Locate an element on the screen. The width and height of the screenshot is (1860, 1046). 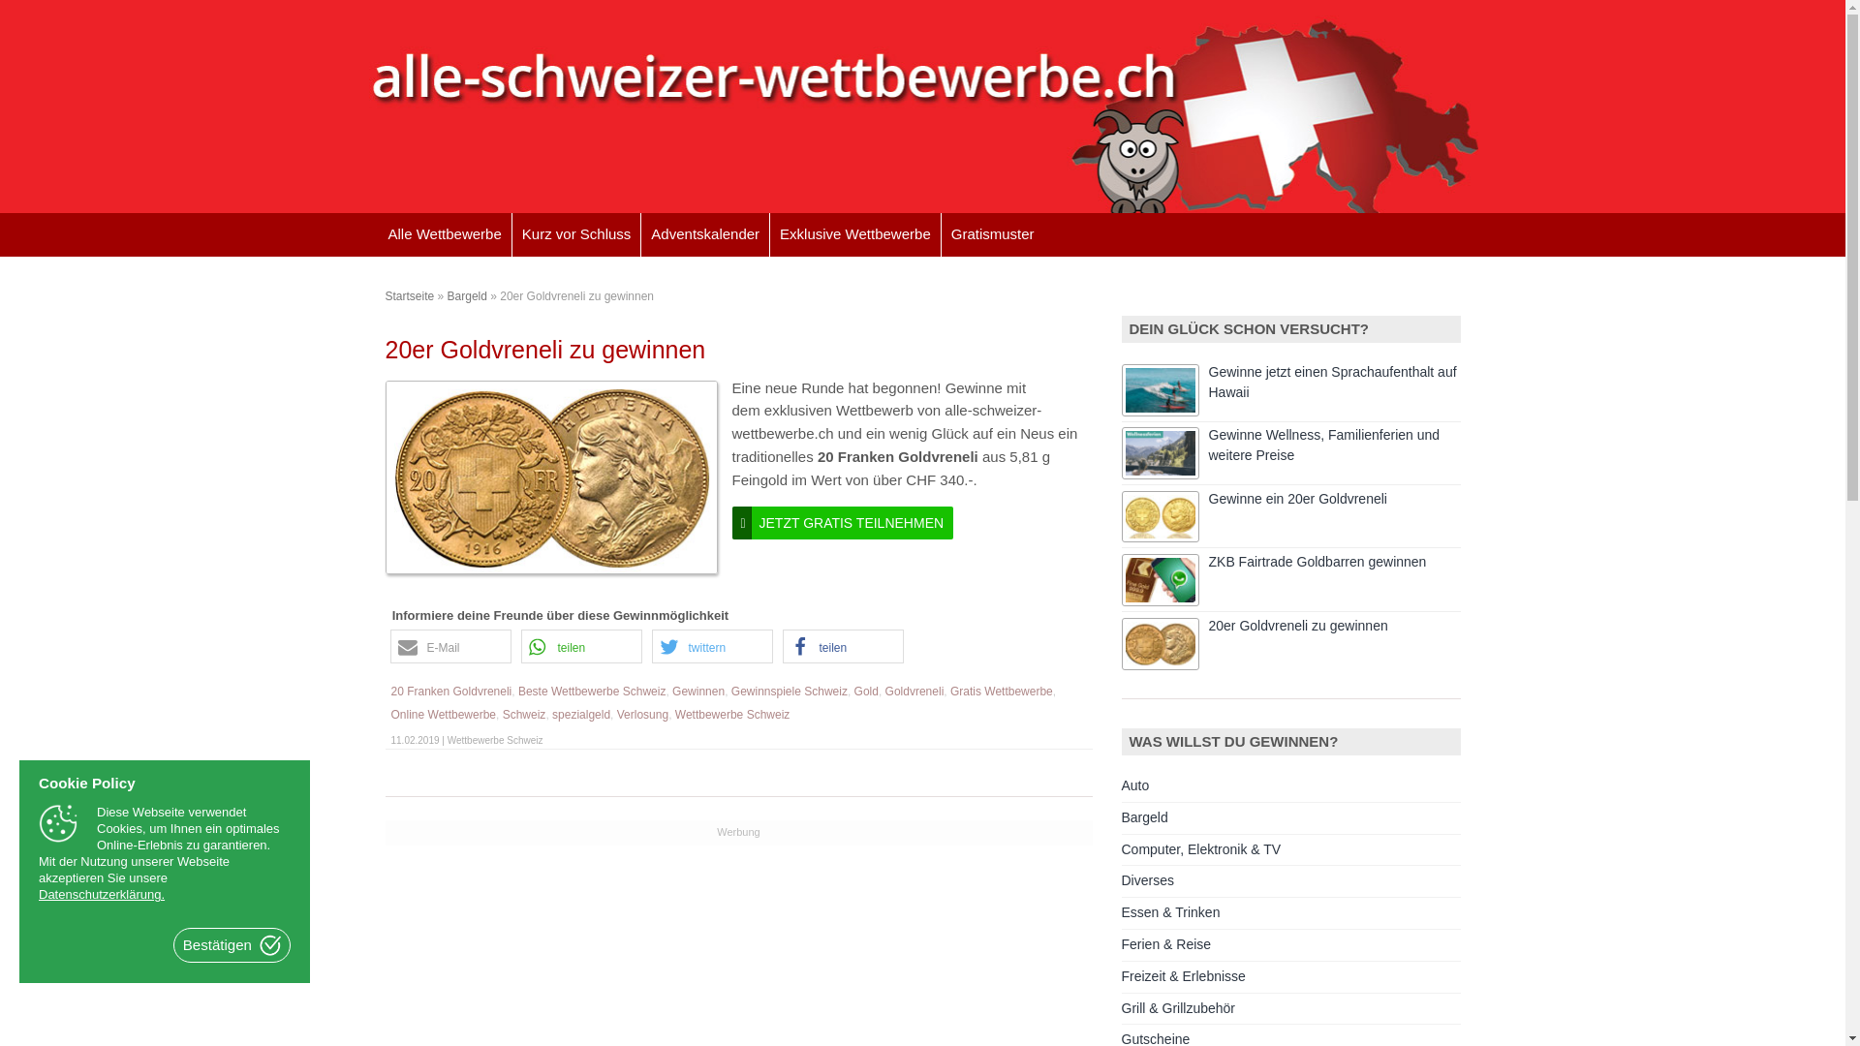
'teilen ' is located at coordinates (843, 646).